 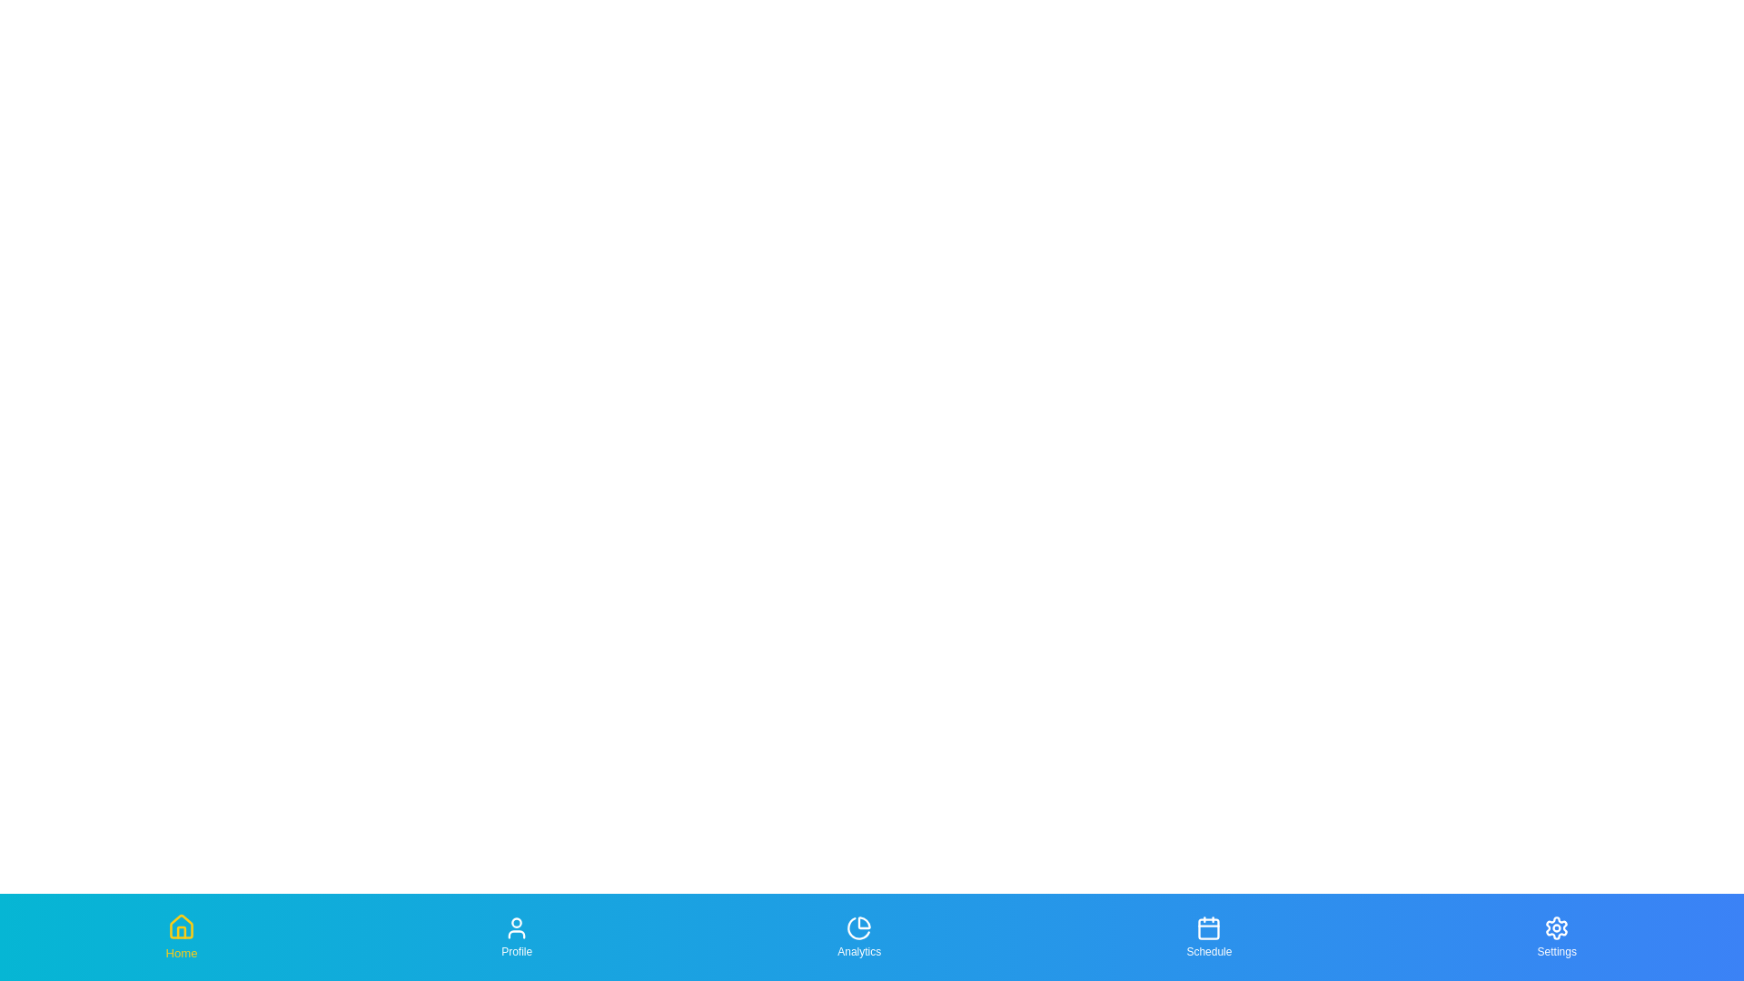 I want to click on the tab labeled Schedule to focus on it, so click(x=1208, y=937).